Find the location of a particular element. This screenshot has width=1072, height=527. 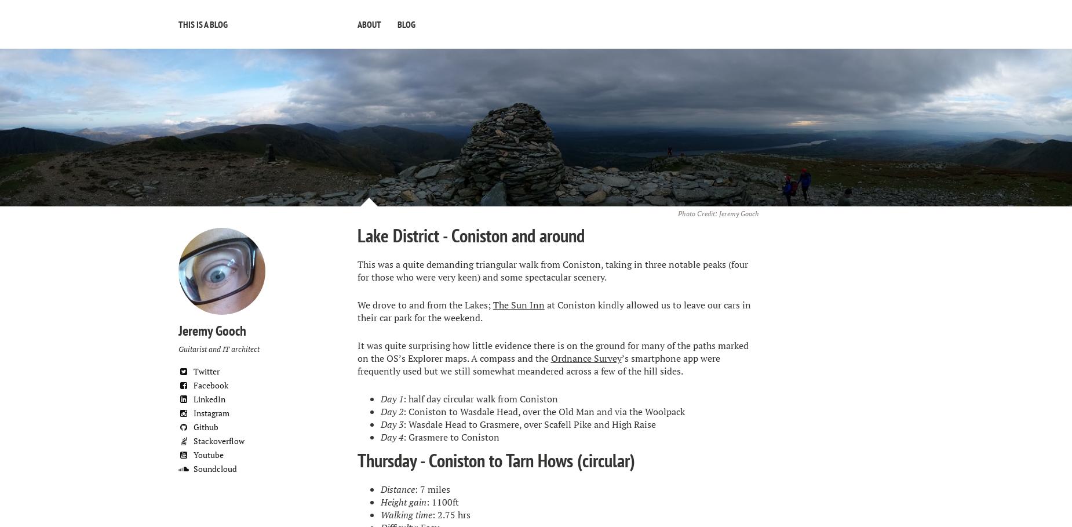

'The Sun Inn' is located at coordinates (518, 305).